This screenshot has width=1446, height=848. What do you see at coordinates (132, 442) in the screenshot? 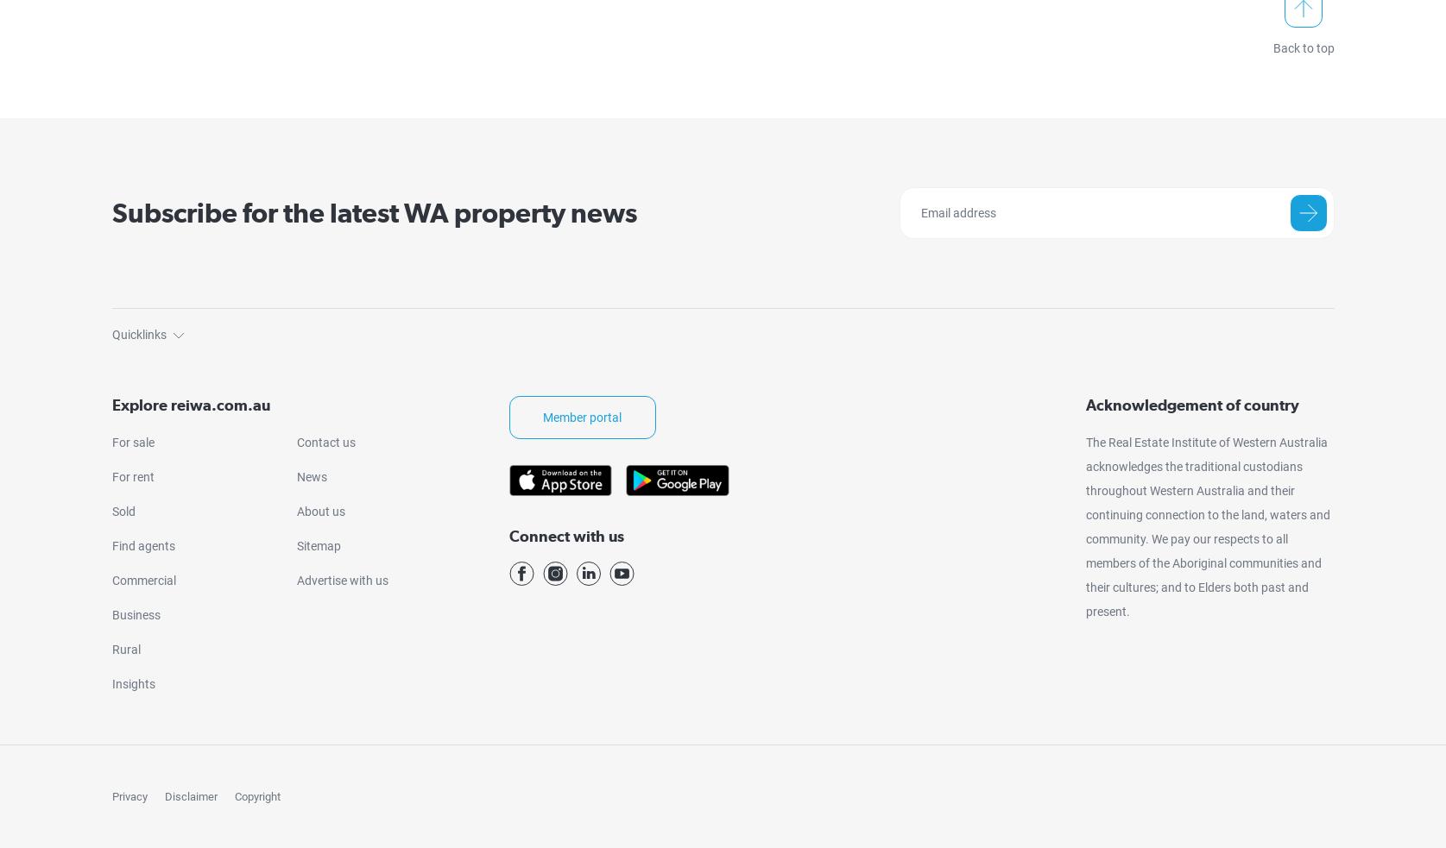
I see `'For sale'` at bounding box center [132, 442].